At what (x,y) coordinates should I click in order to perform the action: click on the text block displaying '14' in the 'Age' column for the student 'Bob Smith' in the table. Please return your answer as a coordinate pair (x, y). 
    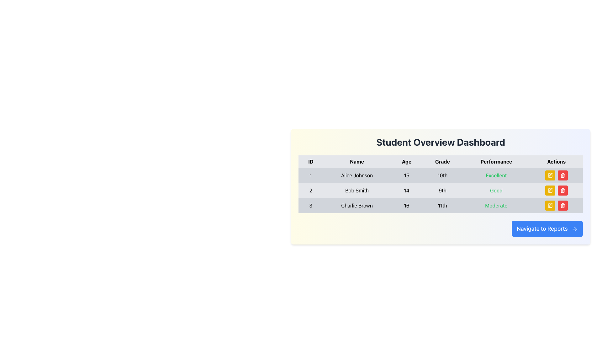
    Looking at the image, I should click on (406, 190).